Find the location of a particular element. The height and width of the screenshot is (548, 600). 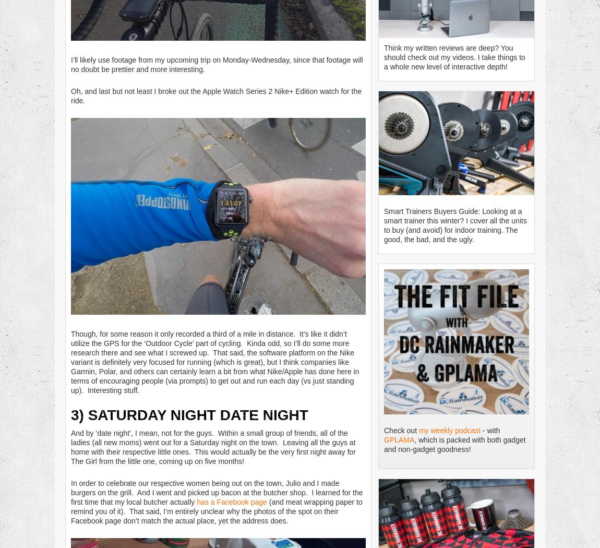

'Think my written reviews are deep? You should check out my videos. I take things to a whole new level of interactive depth!' is located at coordinates (383, 57).